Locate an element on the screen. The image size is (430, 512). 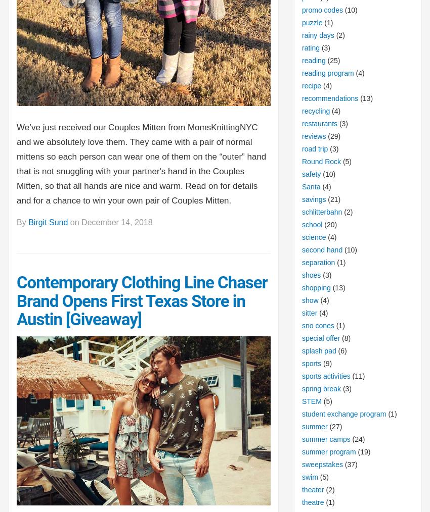
'(8)' is located at coordinates (340, 338).